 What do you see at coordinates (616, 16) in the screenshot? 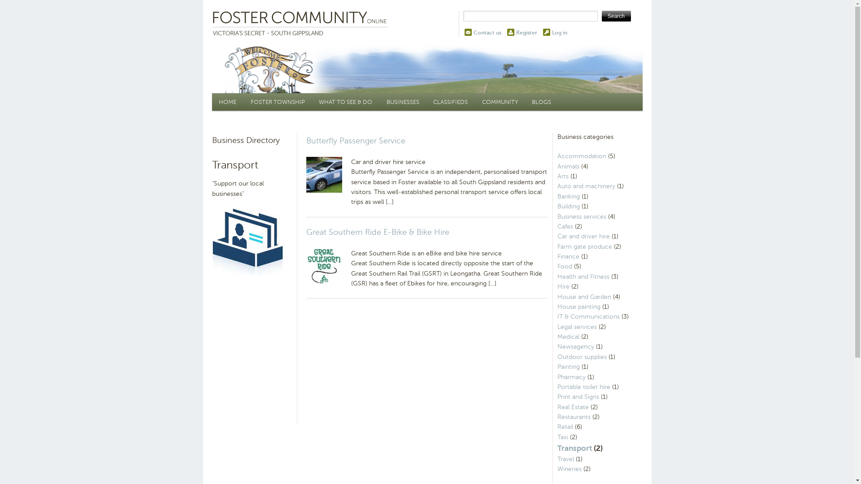
I see `'Search'` at bounding box center [616, 16].